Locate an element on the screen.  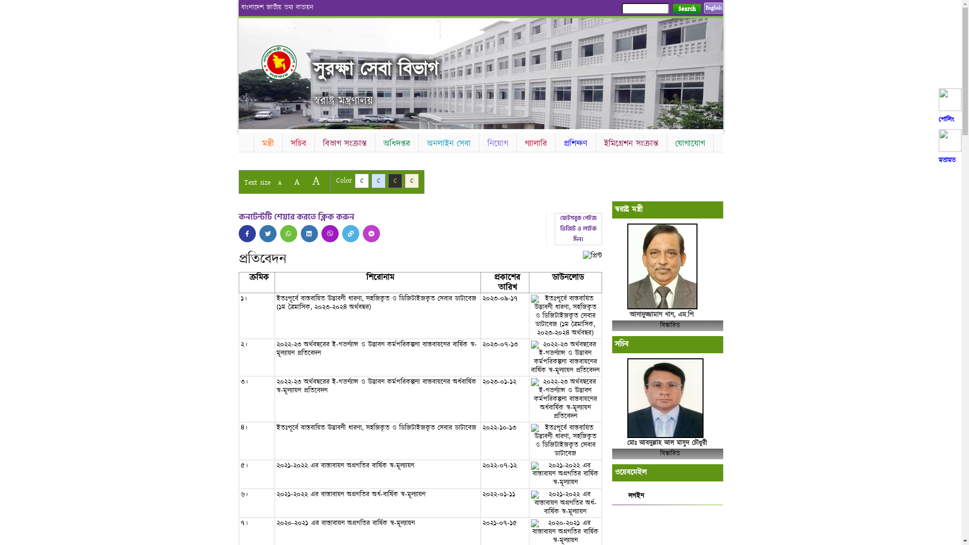
'A' is located at coordinates (279, 183).